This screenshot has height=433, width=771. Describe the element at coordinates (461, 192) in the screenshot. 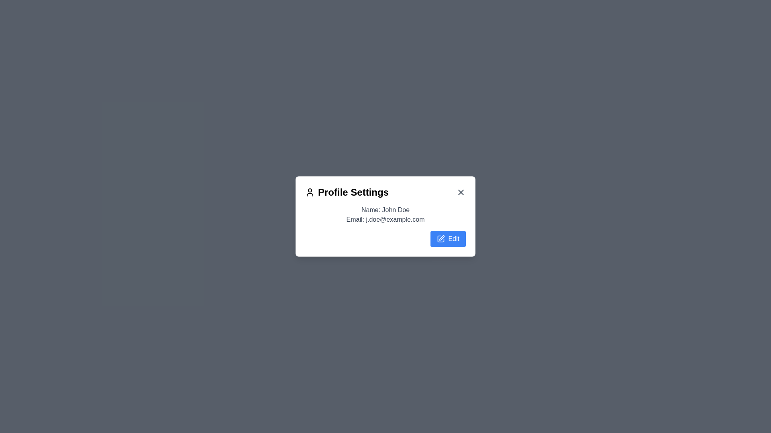

I see `the Close icon located in the top-right corner of the 'Profile Settings' modal dialog` at that location.